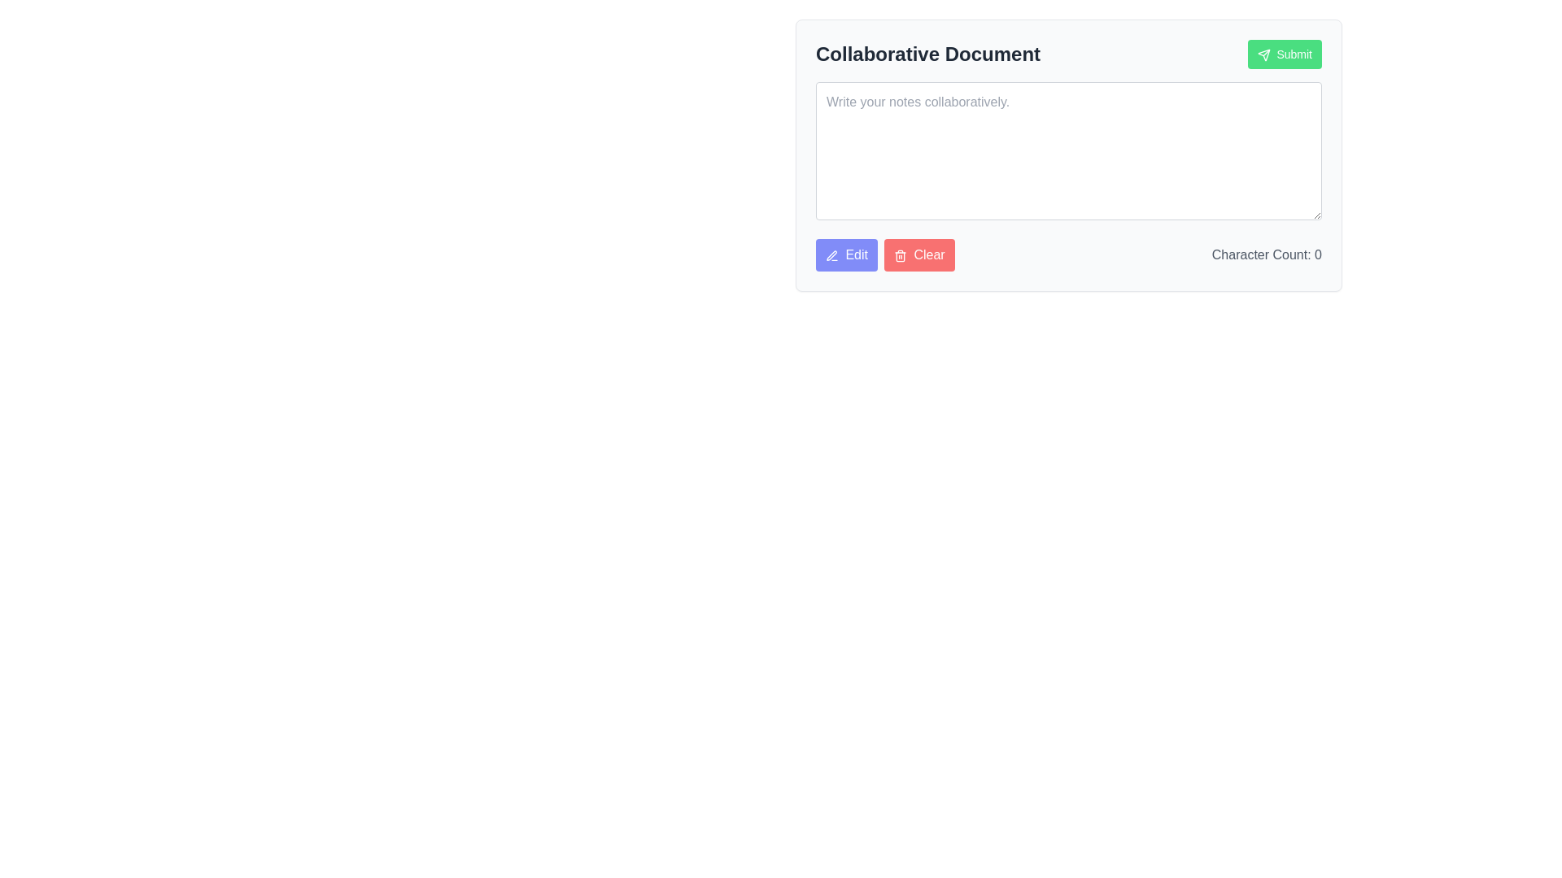 This screenshot has width=1562, height=878. Describe the element at coordinates (1263, 54) in the screenshot. I see `the send icon graphic located within the 'Submit' button in the upper right corner of the interface` at that location.